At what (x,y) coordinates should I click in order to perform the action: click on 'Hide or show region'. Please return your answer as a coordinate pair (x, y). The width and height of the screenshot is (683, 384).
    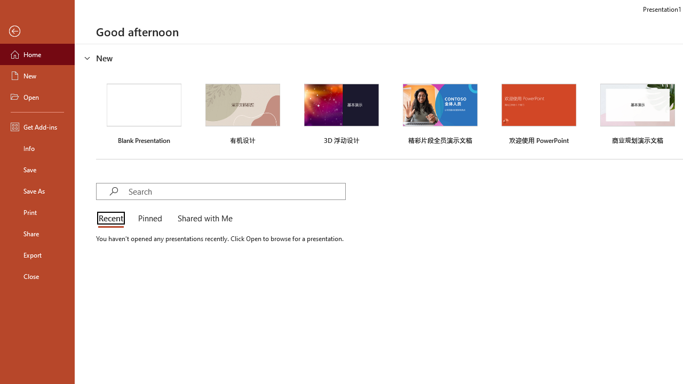
    Looking at the image, I should click on (88, 58).